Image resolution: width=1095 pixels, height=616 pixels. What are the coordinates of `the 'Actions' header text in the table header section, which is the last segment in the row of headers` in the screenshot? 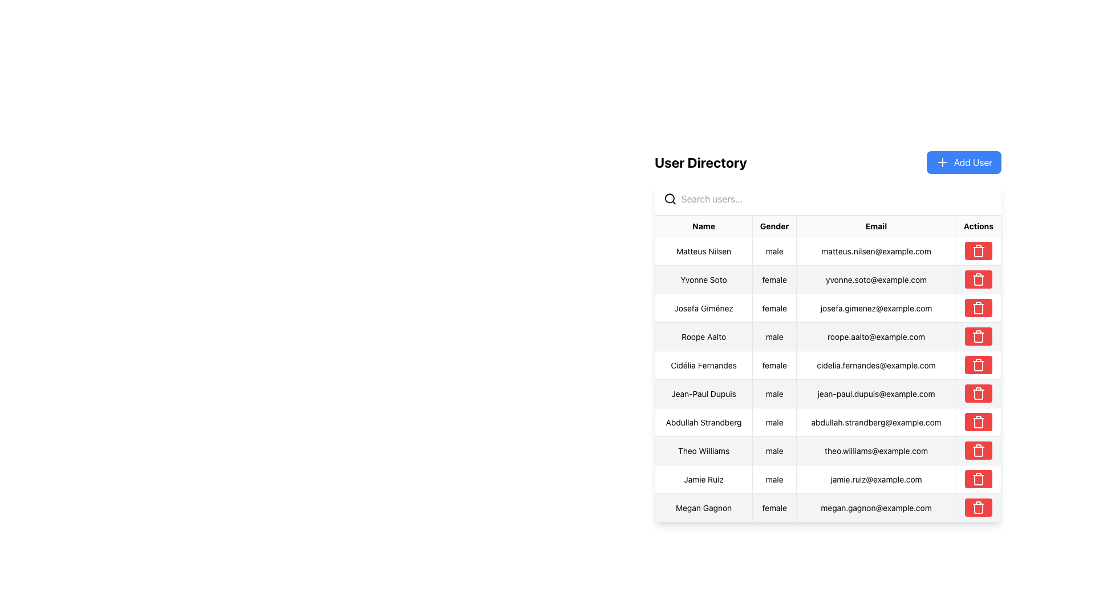 It's located at (978, 226).